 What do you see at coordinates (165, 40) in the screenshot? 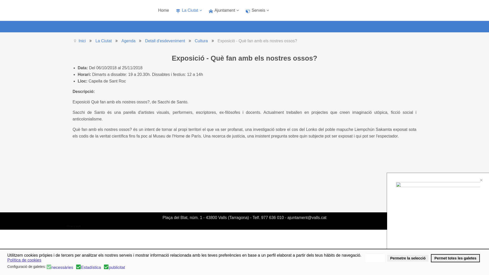
I see `'Detall d'esdeveniment'` at bounding box center [165, 40].